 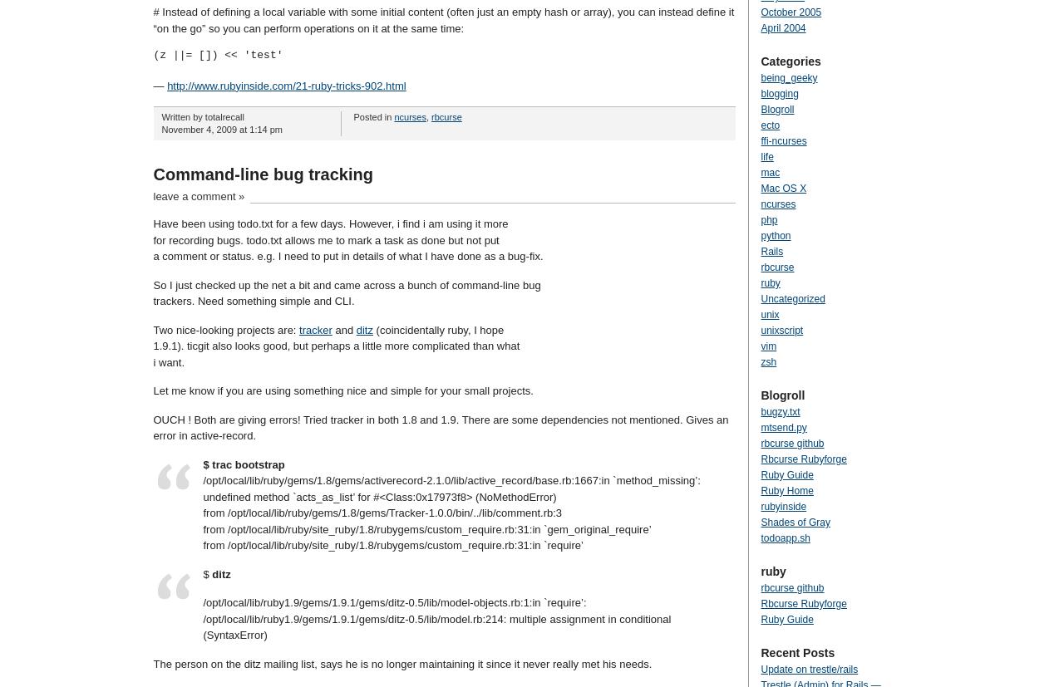 What do you see at coordinates (152, 19) in the screenshot?
I see `'# Instead of defining a local variable with some initial content (often just an empty hash or array), you can instead define it “on the go” so you can perform operations on it at the same time:'` at bounding box center [152, 19].